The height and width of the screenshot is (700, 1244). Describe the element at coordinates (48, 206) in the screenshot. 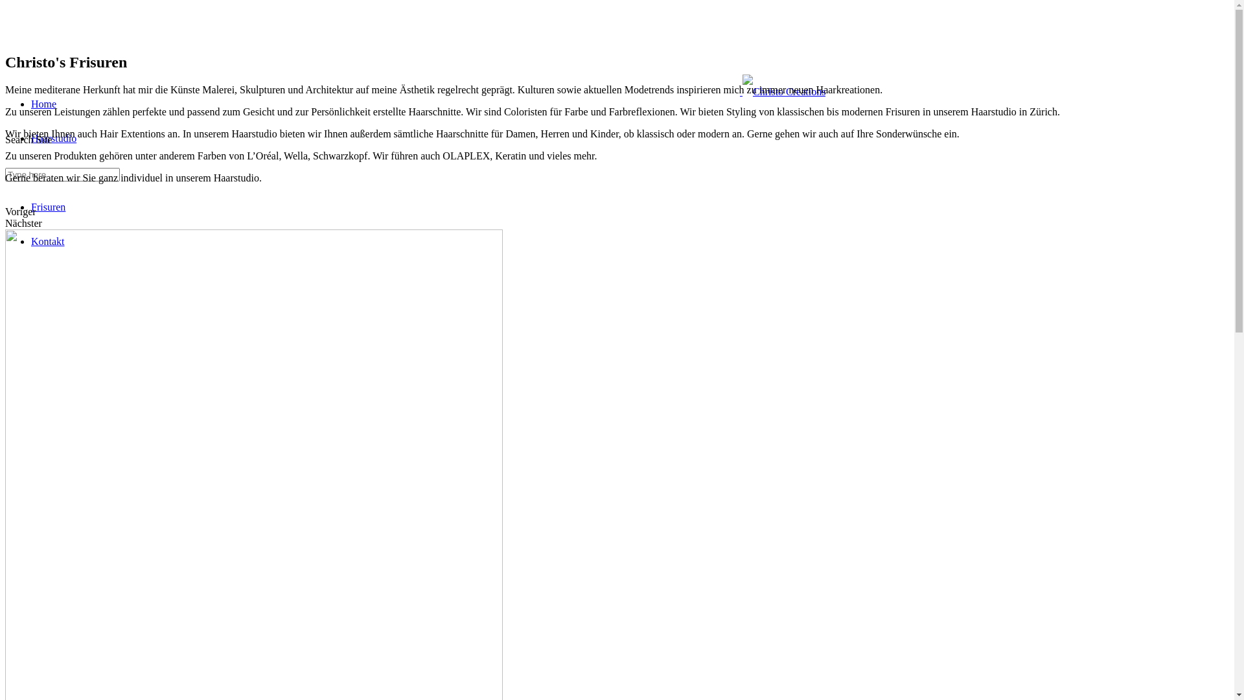

I see `'Frisuren'` at that location.